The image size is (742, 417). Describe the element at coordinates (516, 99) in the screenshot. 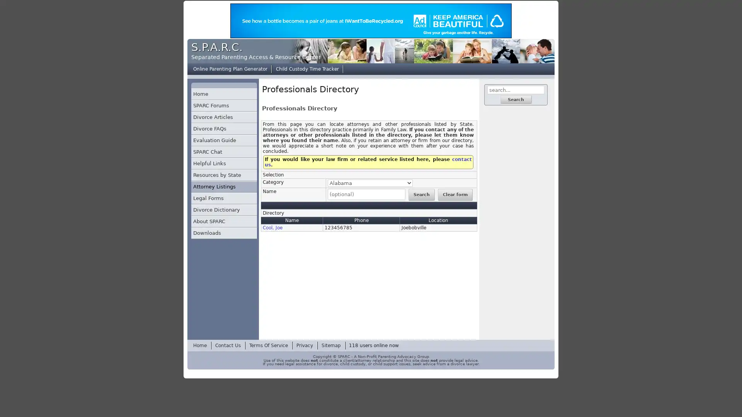

I see `Search` at that location.